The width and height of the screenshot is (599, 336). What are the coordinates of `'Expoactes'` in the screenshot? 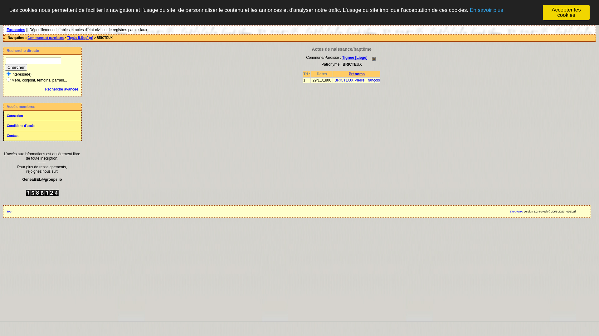 It's located at (16, 30).